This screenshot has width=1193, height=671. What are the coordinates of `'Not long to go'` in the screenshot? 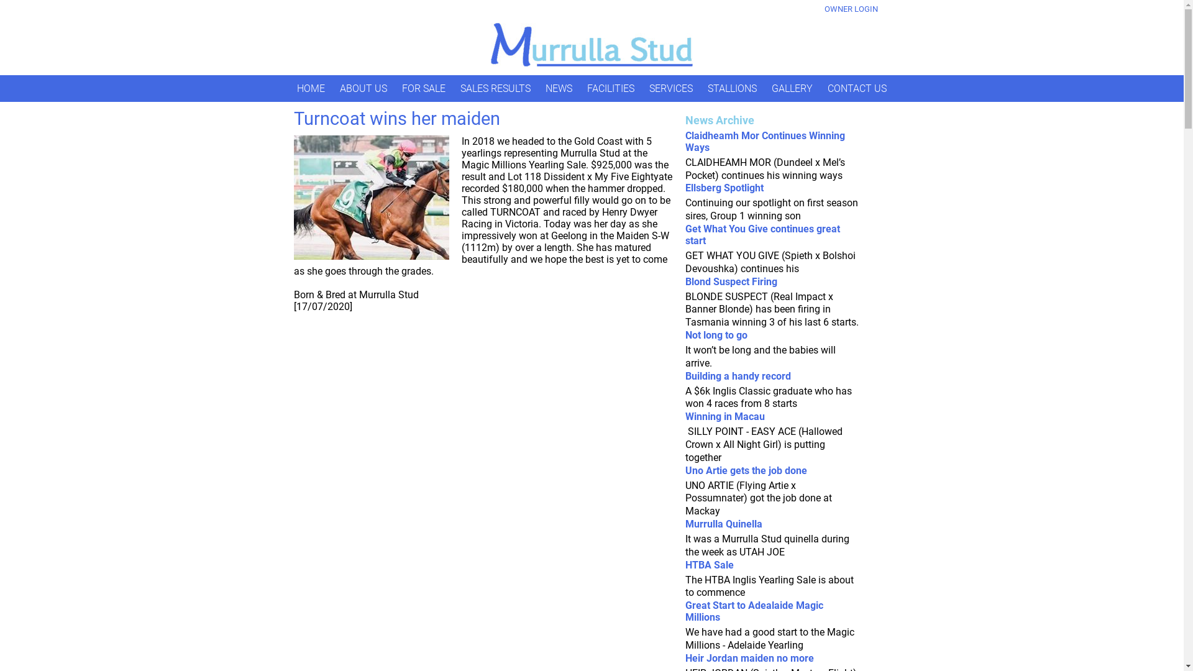 It's located at (716, 334).